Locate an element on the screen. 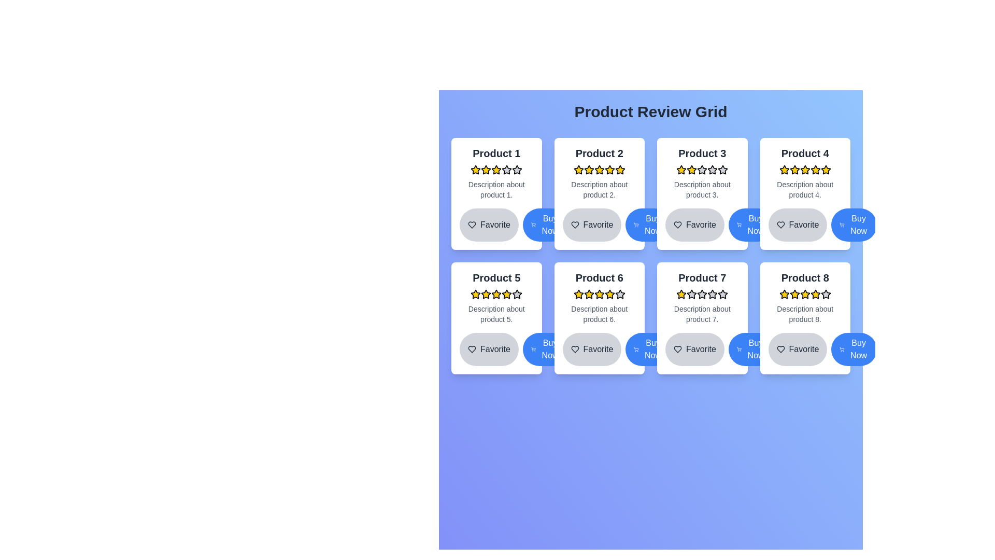 The image size is (995, 560). the yellow star icon, which is the third star in the rating system for 'Product 5', to interact with the rating system is located at coordinates (486, 294).